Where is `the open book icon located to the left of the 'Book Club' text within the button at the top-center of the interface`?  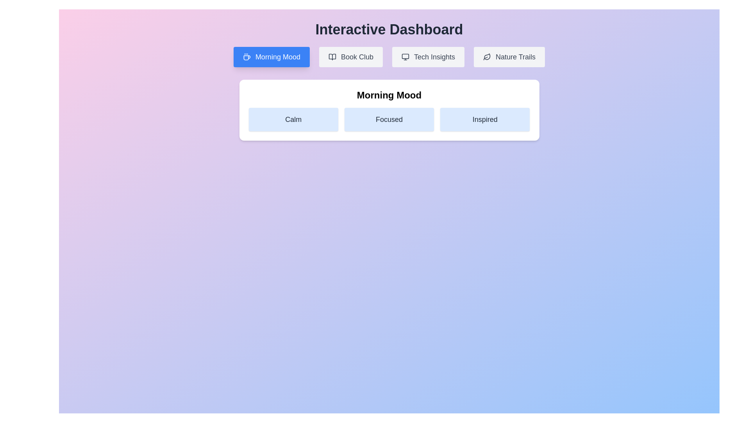 the open book icon located to the left of the 'Book Club' text within the button at the top-center of the interface is located at coordinates (332, 57).